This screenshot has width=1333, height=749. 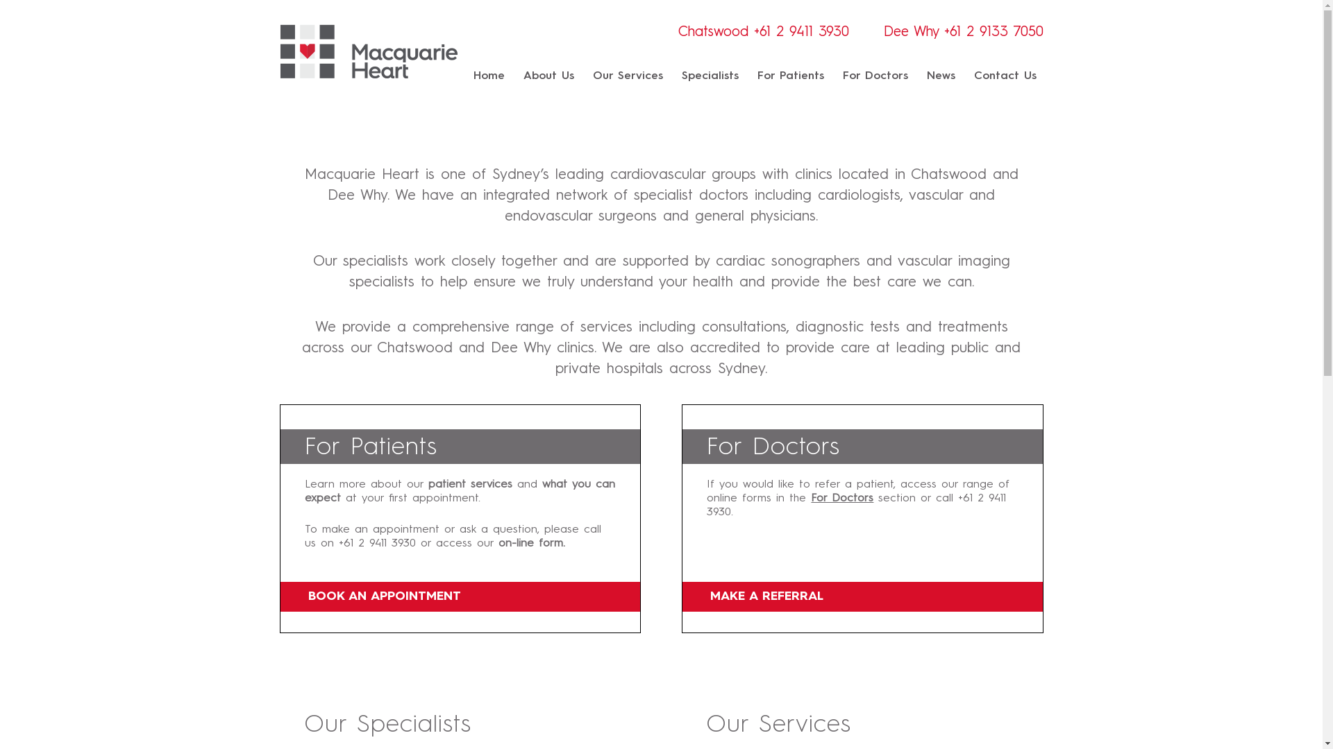 What do you see at coordinates (530, 542) in the screenshot?
I see `'on-line form'` at bounding box center [530, 542].